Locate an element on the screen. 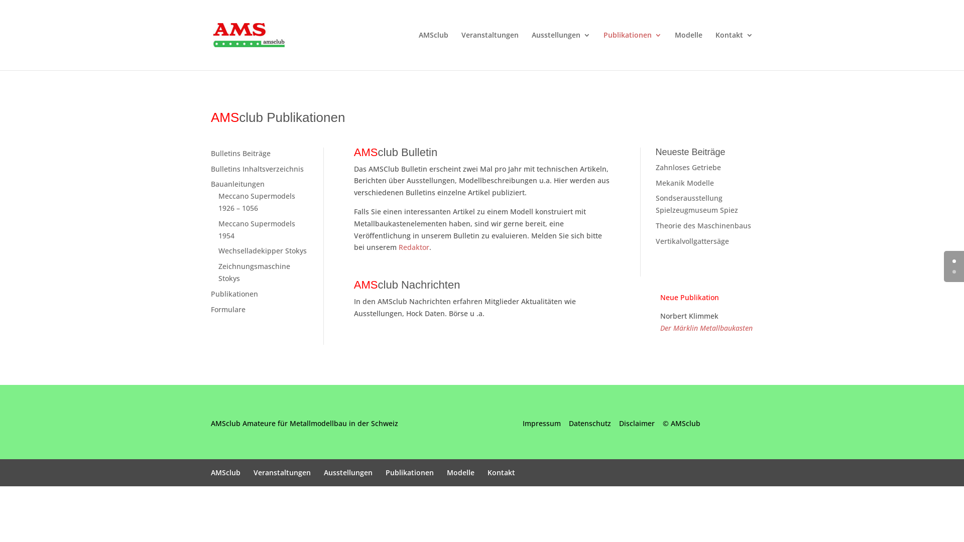 The width and height of the screenshot is (964, 542). 'Bulletins Inhaltsverzeichnis' is located at coordinates (257, 168).